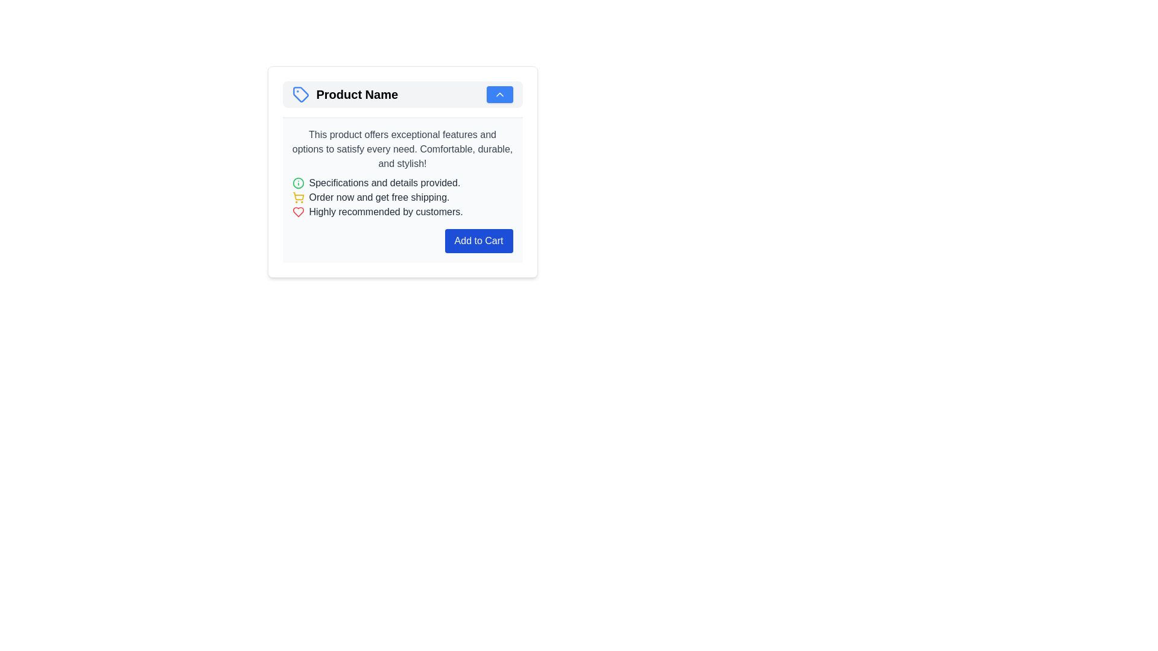  I want to click on the Card component that contains the title 'Product Name' in bold and an 'Add to Cart' button at the bottom right, so click(402, 172).